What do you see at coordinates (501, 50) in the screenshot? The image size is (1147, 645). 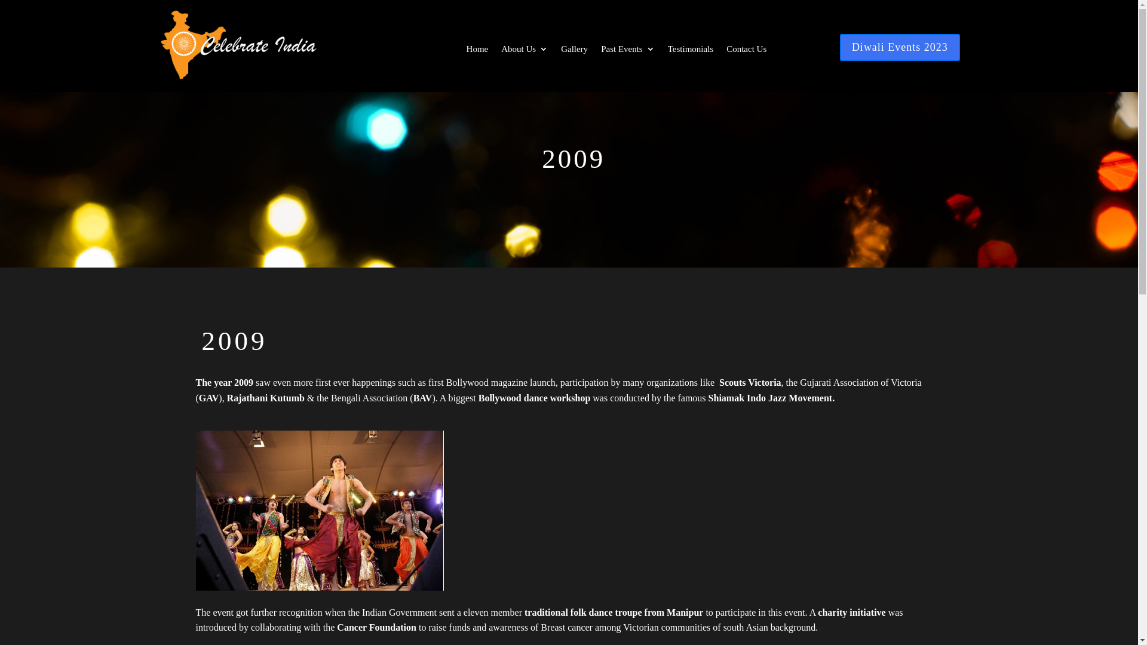 I see `'About Us'` at bounding box center [501, 50].